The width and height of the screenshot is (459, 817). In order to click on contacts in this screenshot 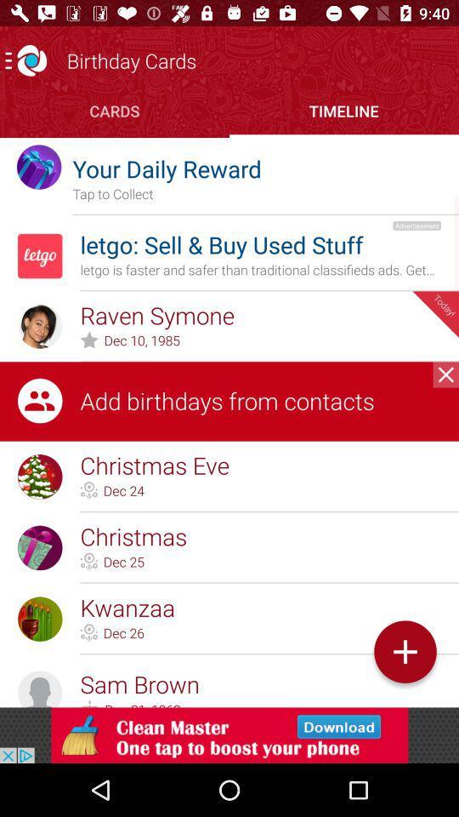, I will do `click(445, 374)`.